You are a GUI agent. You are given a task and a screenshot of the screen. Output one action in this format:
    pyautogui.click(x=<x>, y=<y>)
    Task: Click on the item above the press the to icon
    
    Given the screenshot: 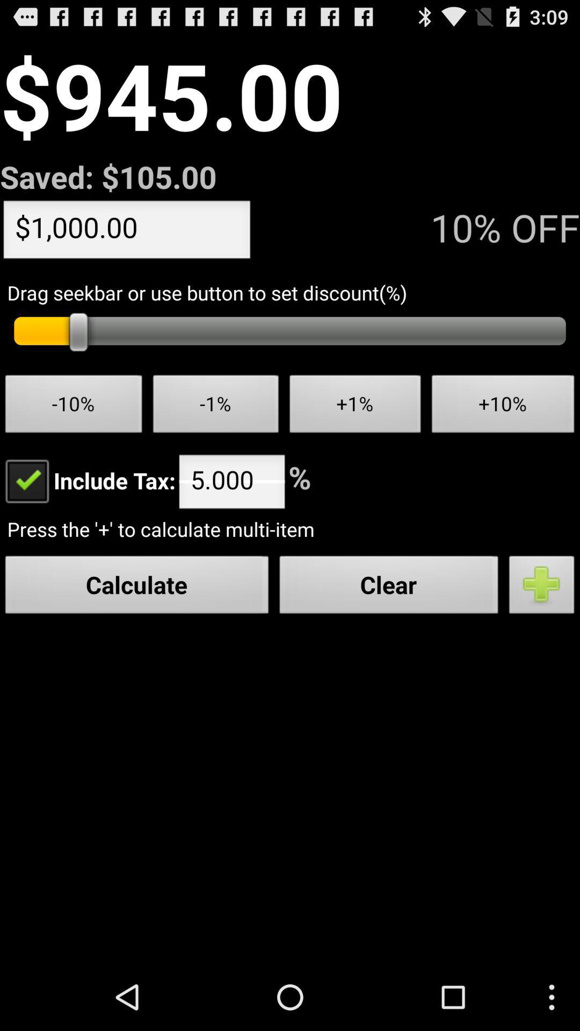 What is the action you would take?
    pyautogui.click(x=87, y=480)
    